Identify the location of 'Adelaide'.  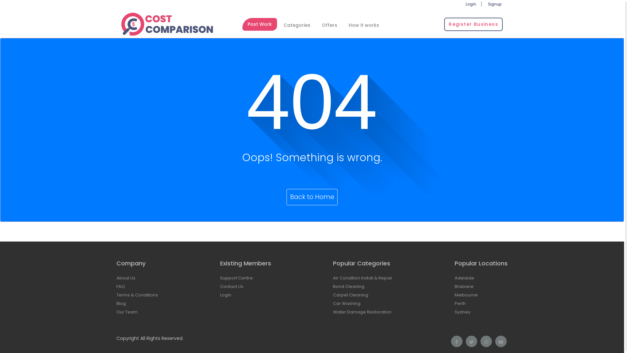
(464, 278).